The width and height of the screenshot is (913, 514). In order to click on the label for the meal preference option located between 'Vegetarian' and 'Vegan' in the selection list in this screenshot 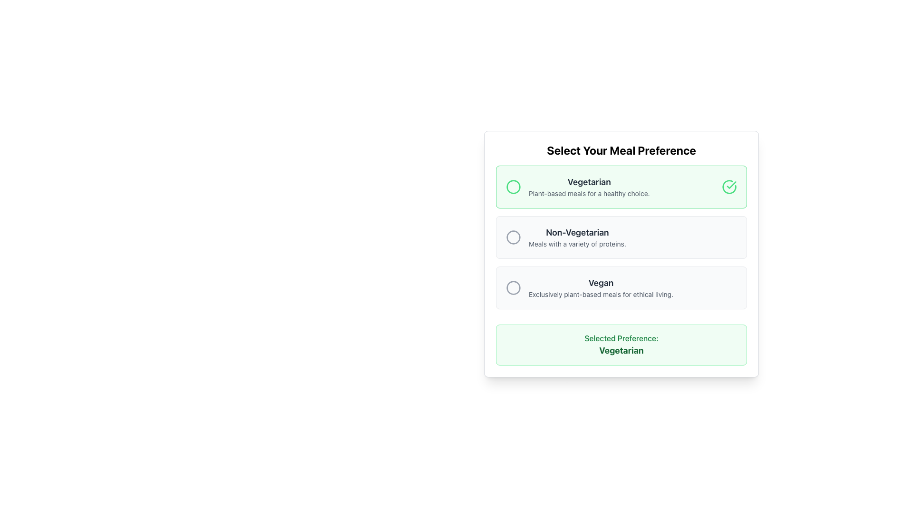, I will do `click(577, 233)`.